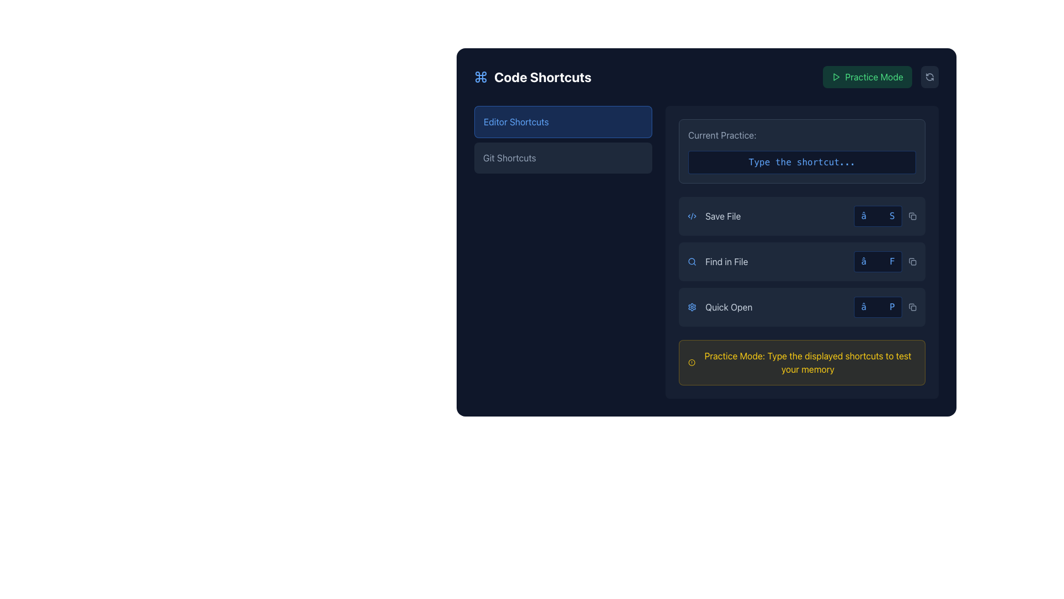  Describe the element at coordinates (563, 121) in the screenshot. I see `the 'Editor Shortcuts' button, which is a rectangular component with rounded corners and a blue-themed appearance` at that location.